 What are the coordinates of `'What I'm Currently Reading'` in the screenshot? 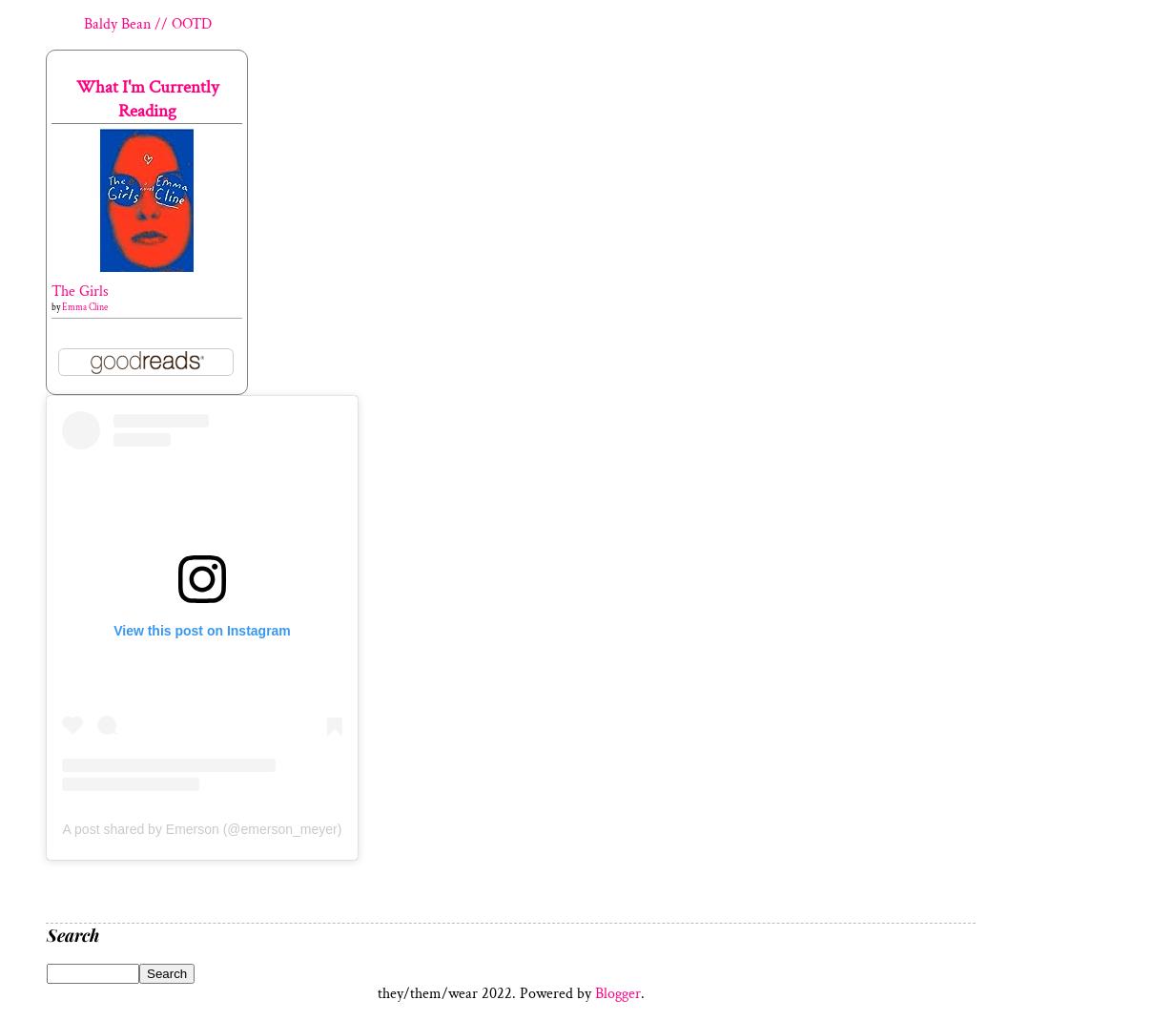 It's located at (146, 98).